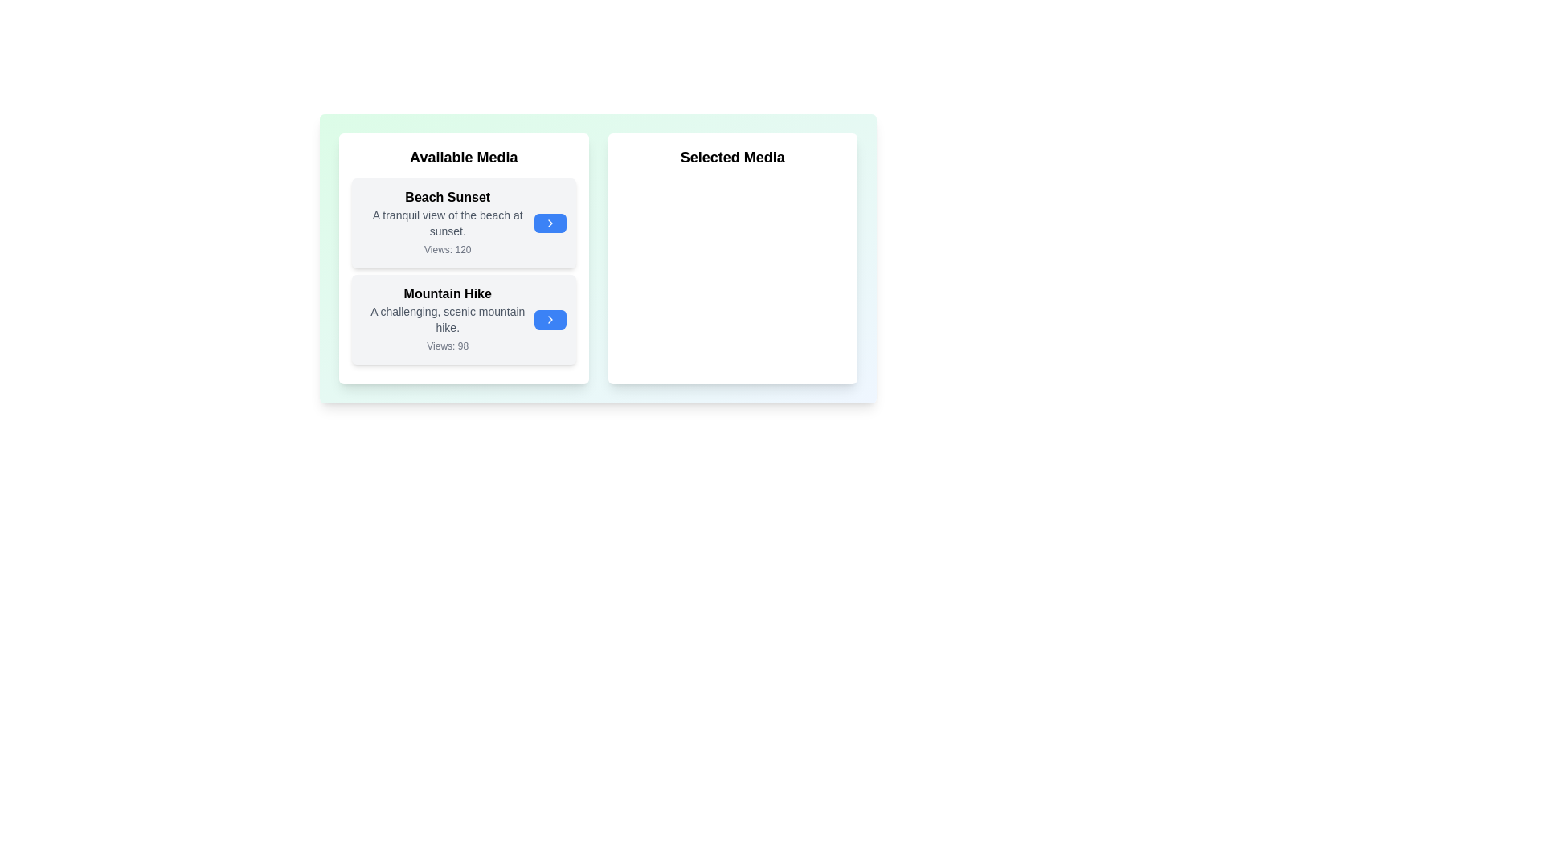 This screenshot has height=868, width=1543. Describe the element at coordinates (550, 223) in the screenshot. I see `transfer button for the media item 'Beach Sunset' in the 'Available Media' list` at that location.